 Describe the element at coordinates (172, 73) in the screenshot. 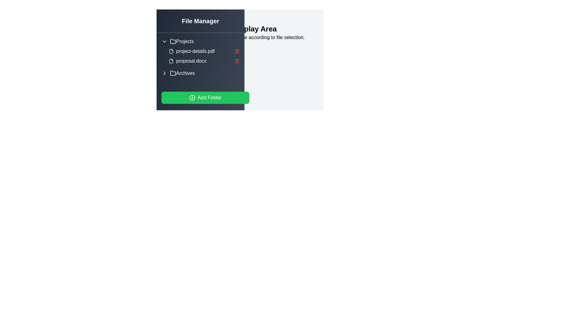

I see `the folder icon located under the 'Archives' section in the file manager to interact with it` at that location.